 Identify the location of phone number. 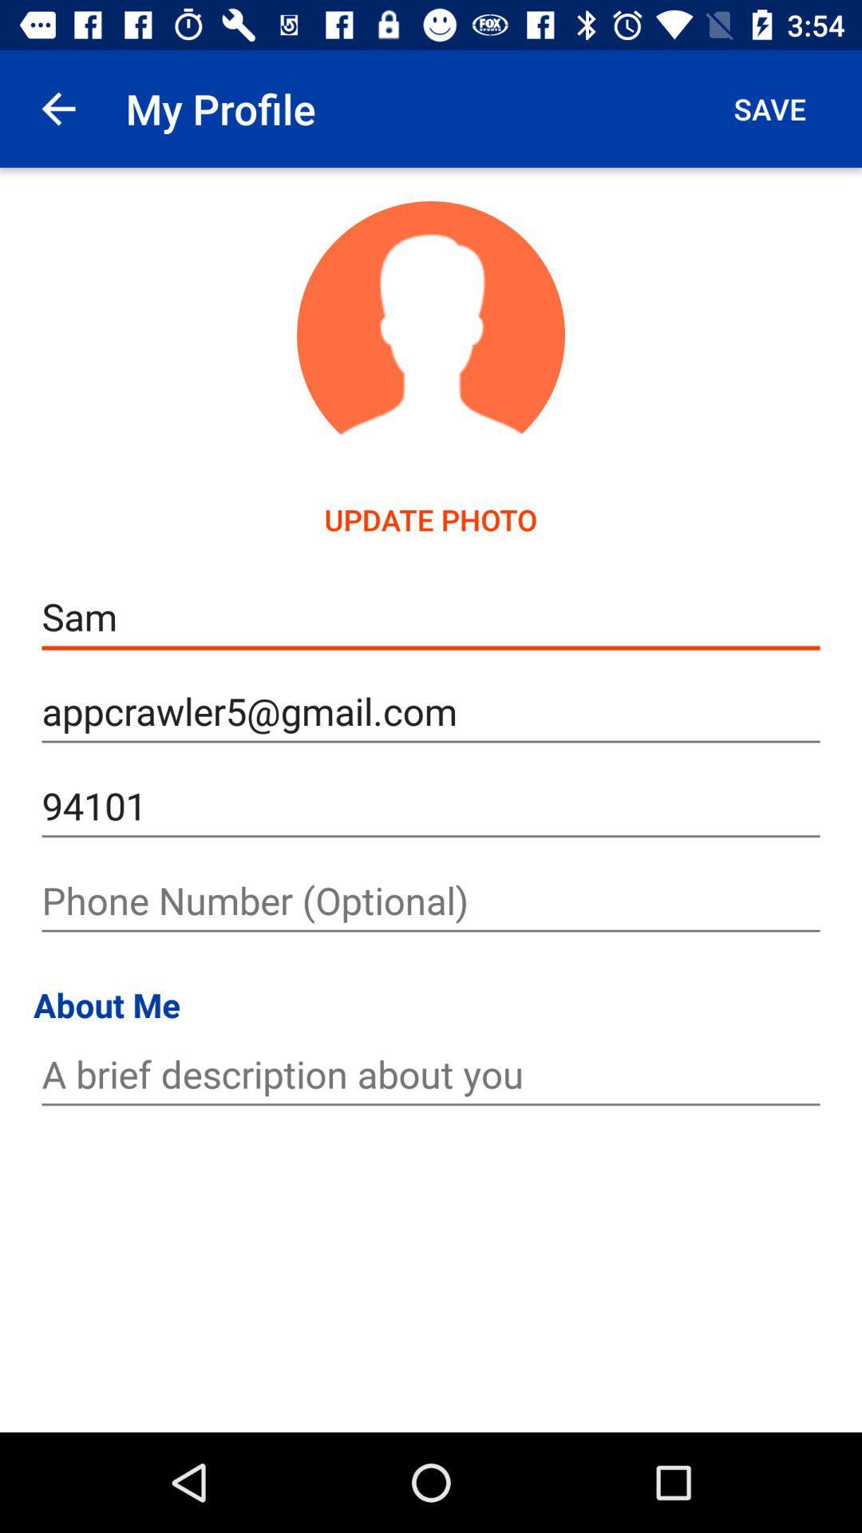
(431, 901).